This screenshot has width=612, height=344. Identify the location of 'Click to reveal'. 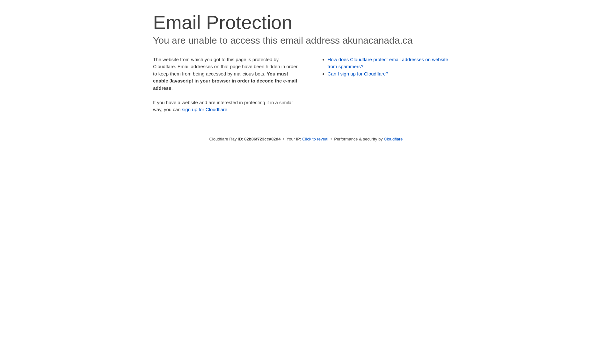
(315, 139).